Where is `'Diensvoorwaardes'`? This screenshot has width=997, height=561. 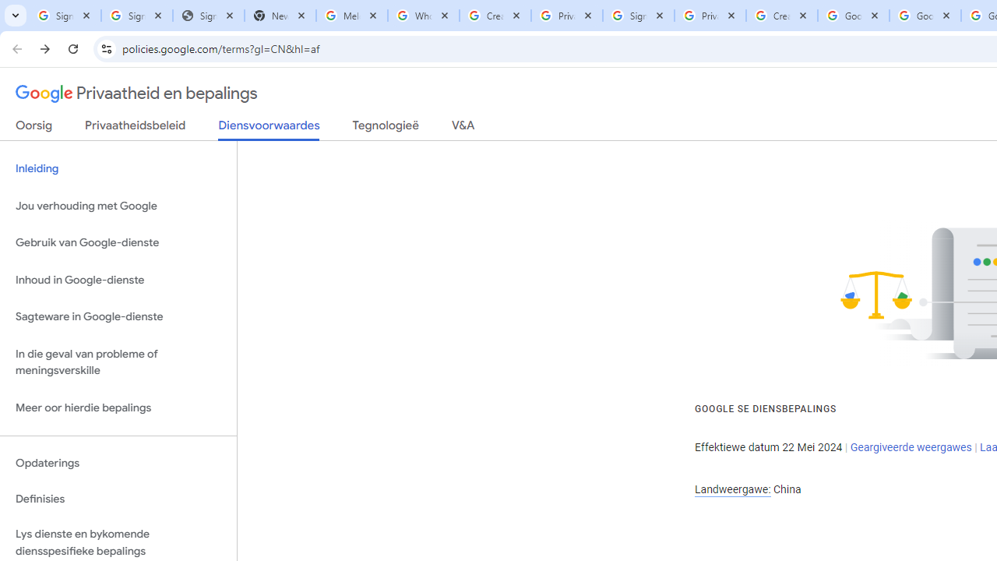
'Diensvoorwaardes' is located at coordinates (269, 129).